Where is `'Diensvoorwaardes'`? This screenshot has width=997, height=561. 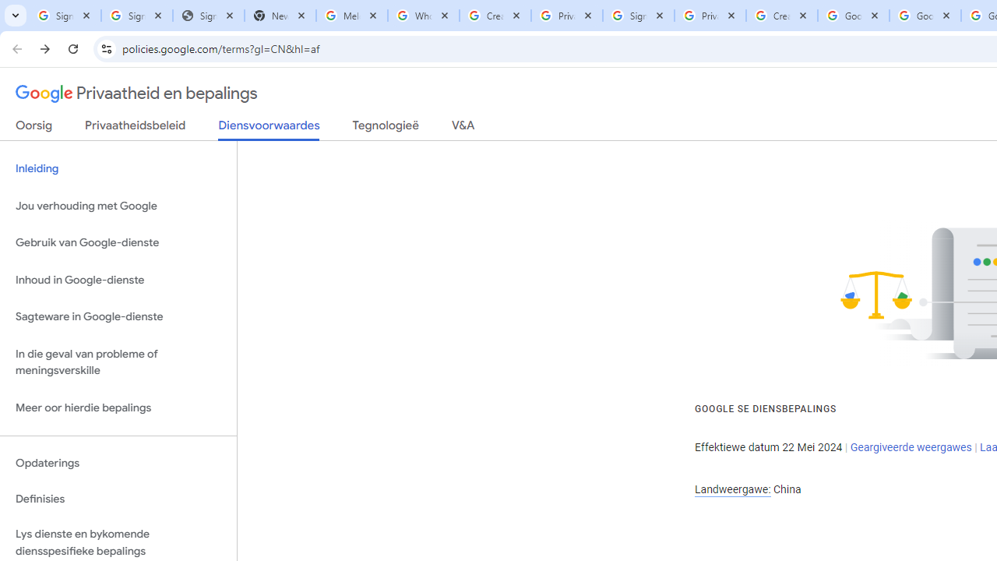
'Diensvoorwaardes' is located at coordinates (269, 129).